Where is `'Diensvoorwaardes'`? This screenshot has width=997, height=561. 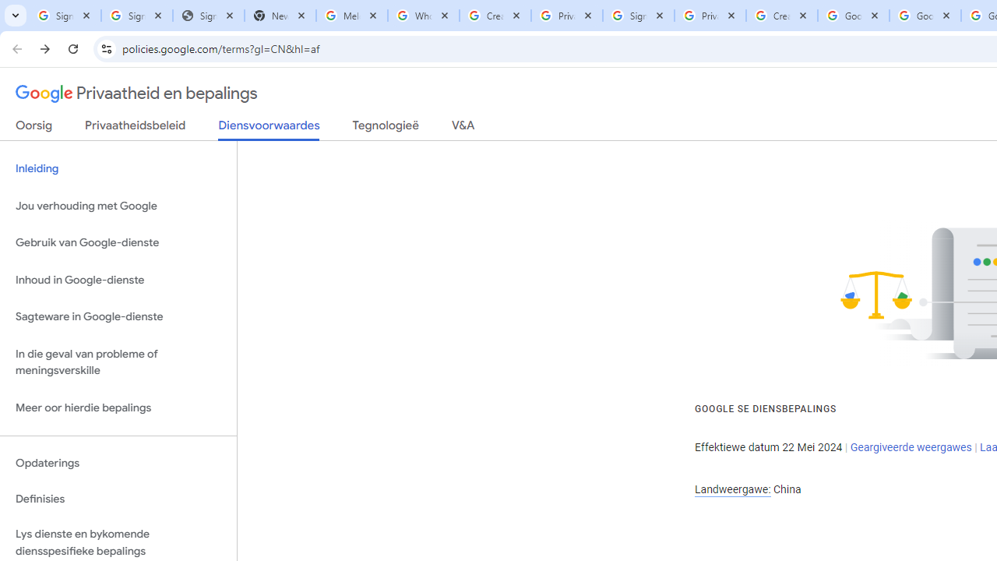
'Diensvoorwaardes' is located at coordinates (269, 129).